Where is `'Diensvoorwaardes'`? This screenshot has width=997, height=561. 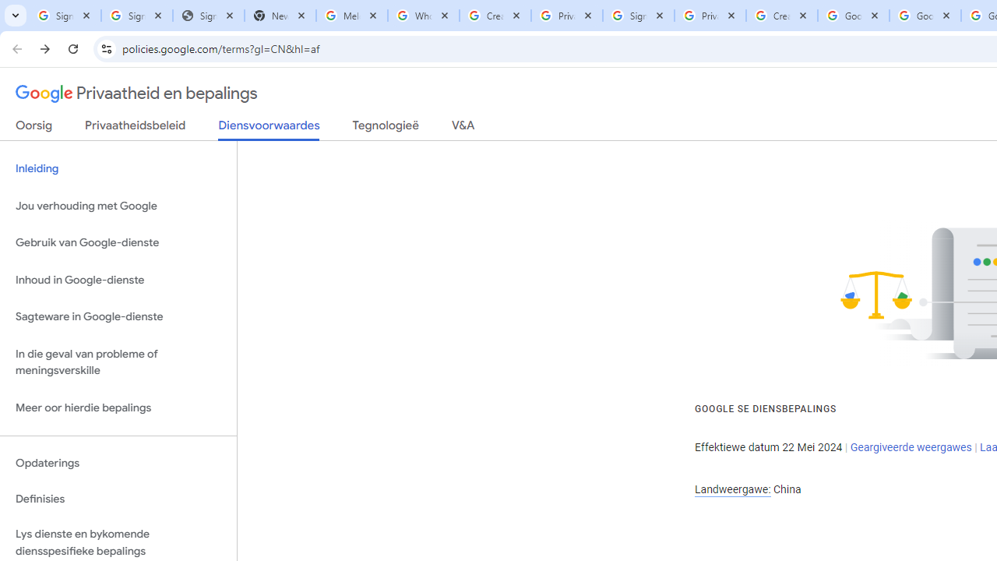
'Diensvoorwaardes' is located at coordinates (269, 129).